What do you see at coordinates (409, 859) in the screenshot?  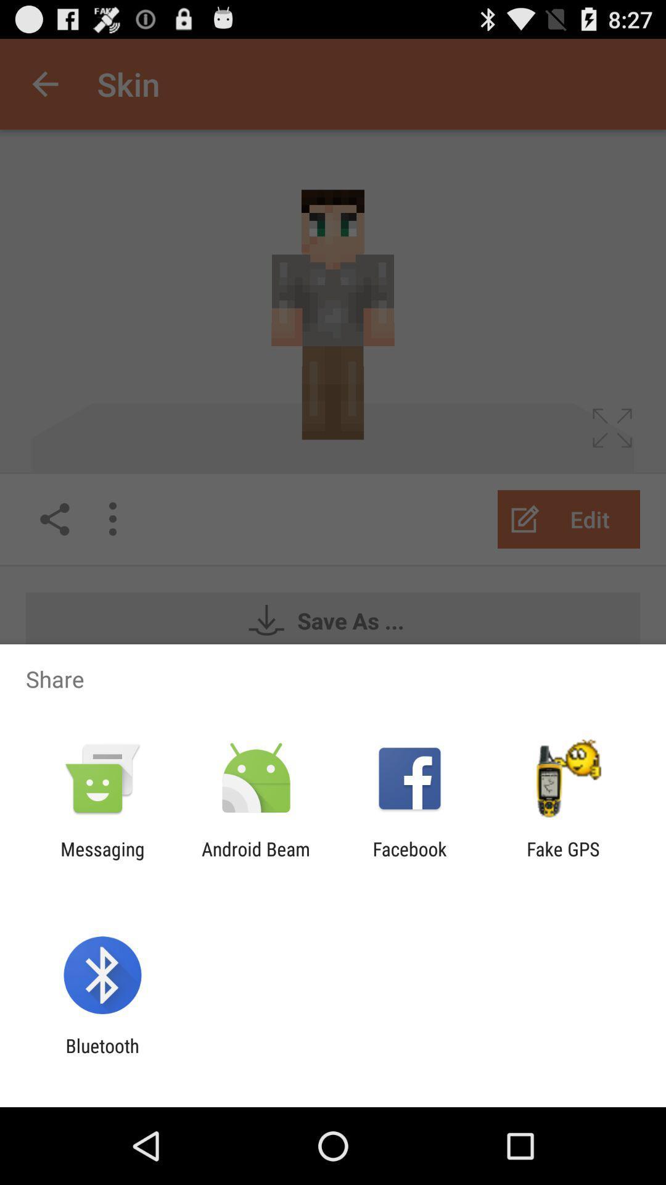 I see `the item to the left of fake gps icon` at bounding box center [409, 859].